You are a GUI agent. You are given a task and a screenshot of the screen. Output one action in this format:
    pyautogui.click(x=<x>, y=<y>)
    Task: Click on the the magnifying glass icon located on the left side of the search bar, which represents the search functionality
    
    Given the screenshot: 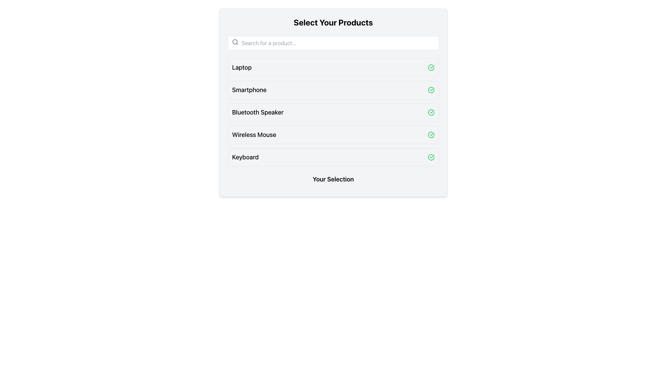 What is the action you would take?
    pyautogui.click(x=235, y=42)
    